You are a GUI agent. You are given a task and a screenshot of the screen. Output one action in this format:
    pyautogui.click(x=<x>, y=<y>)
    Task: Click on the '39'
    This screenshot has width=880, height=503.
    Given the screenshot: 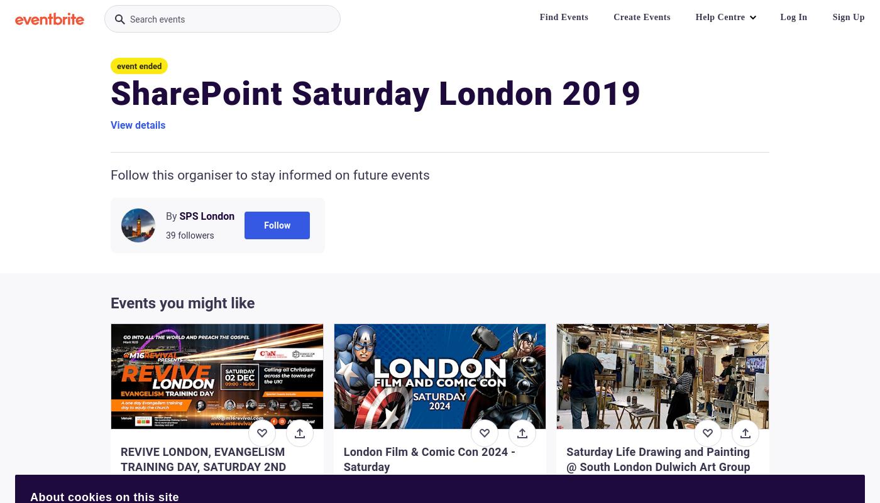 What is the action you would take?
    pyautogui.click(x=170, y=235)
    